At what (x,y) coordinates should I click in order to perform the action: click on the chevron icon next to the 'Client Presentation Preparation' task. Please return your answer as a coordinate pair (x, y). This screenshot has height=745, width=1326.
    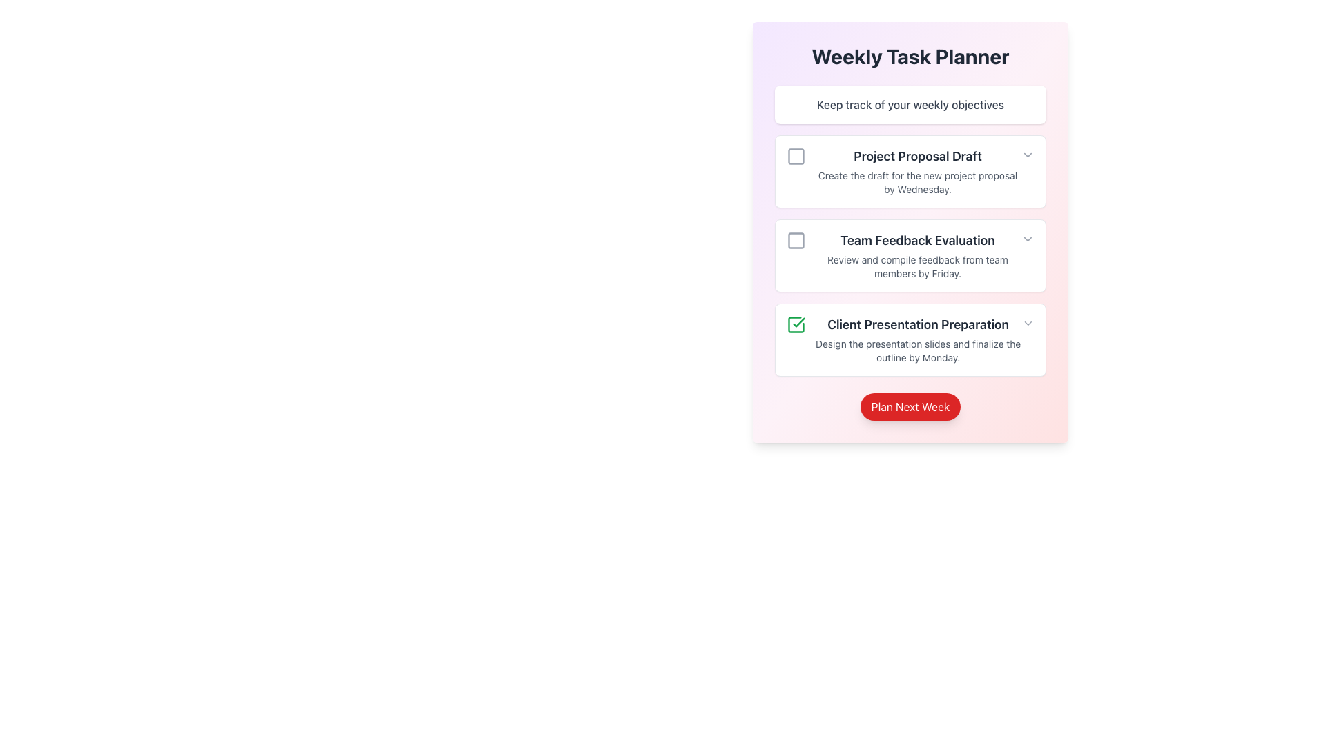
    Looking at the image, I should click on (1028, 324).